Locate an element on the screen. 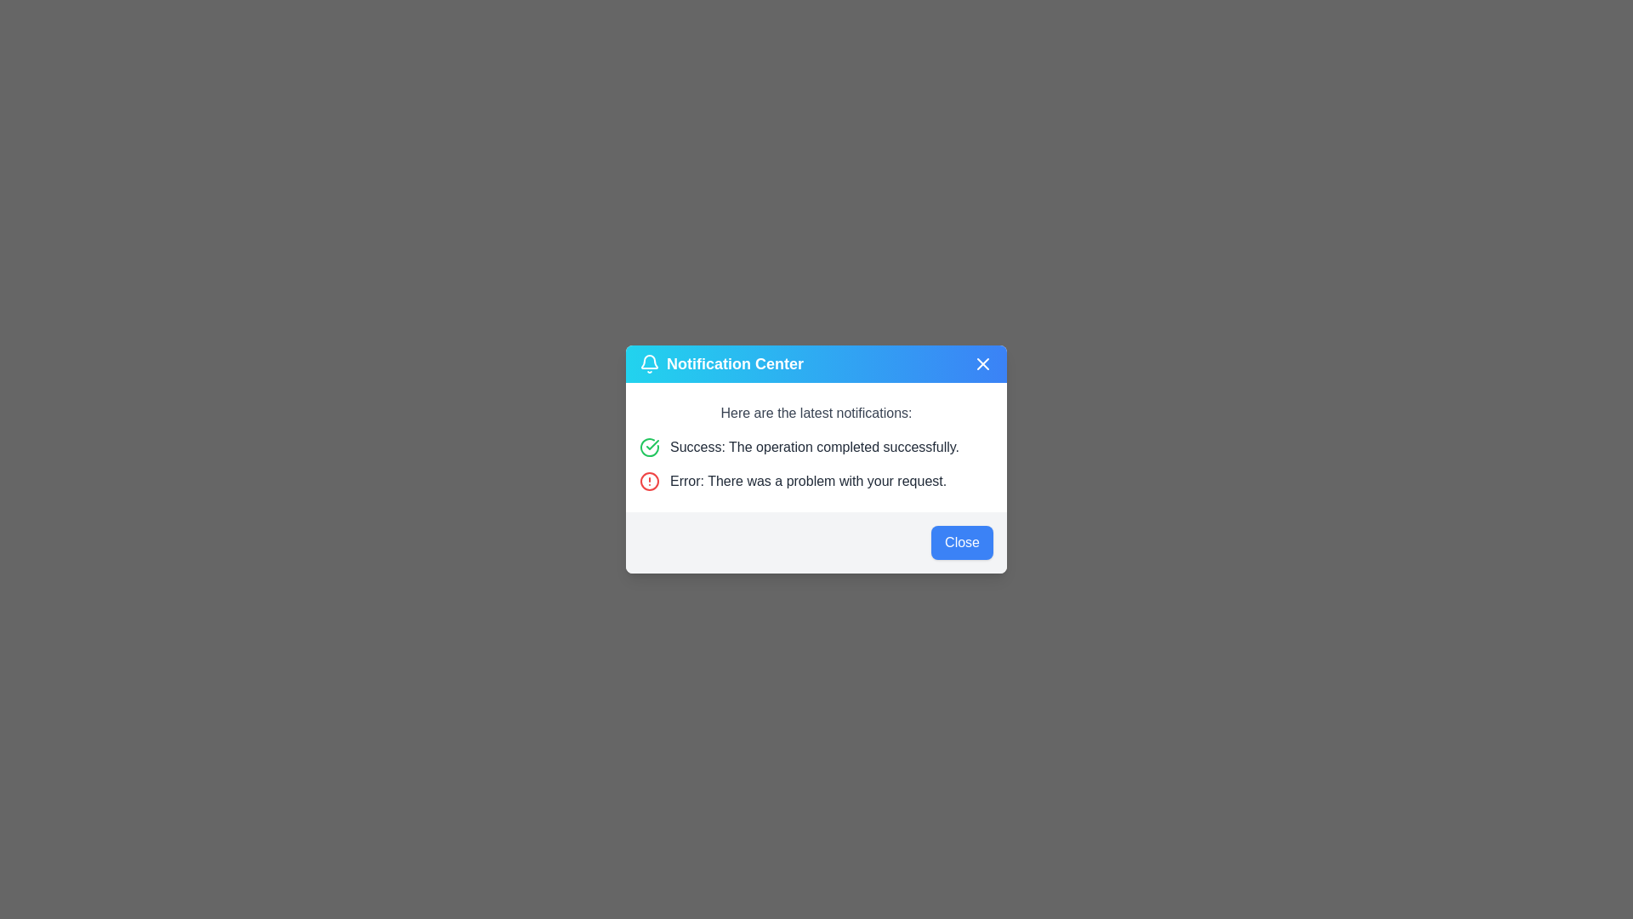 This screenshot has height=919, width=1633. static text element positioned just below the header 'Notification Center', which serves as an introduction to the notifications section is located at coordinates (816, 414).